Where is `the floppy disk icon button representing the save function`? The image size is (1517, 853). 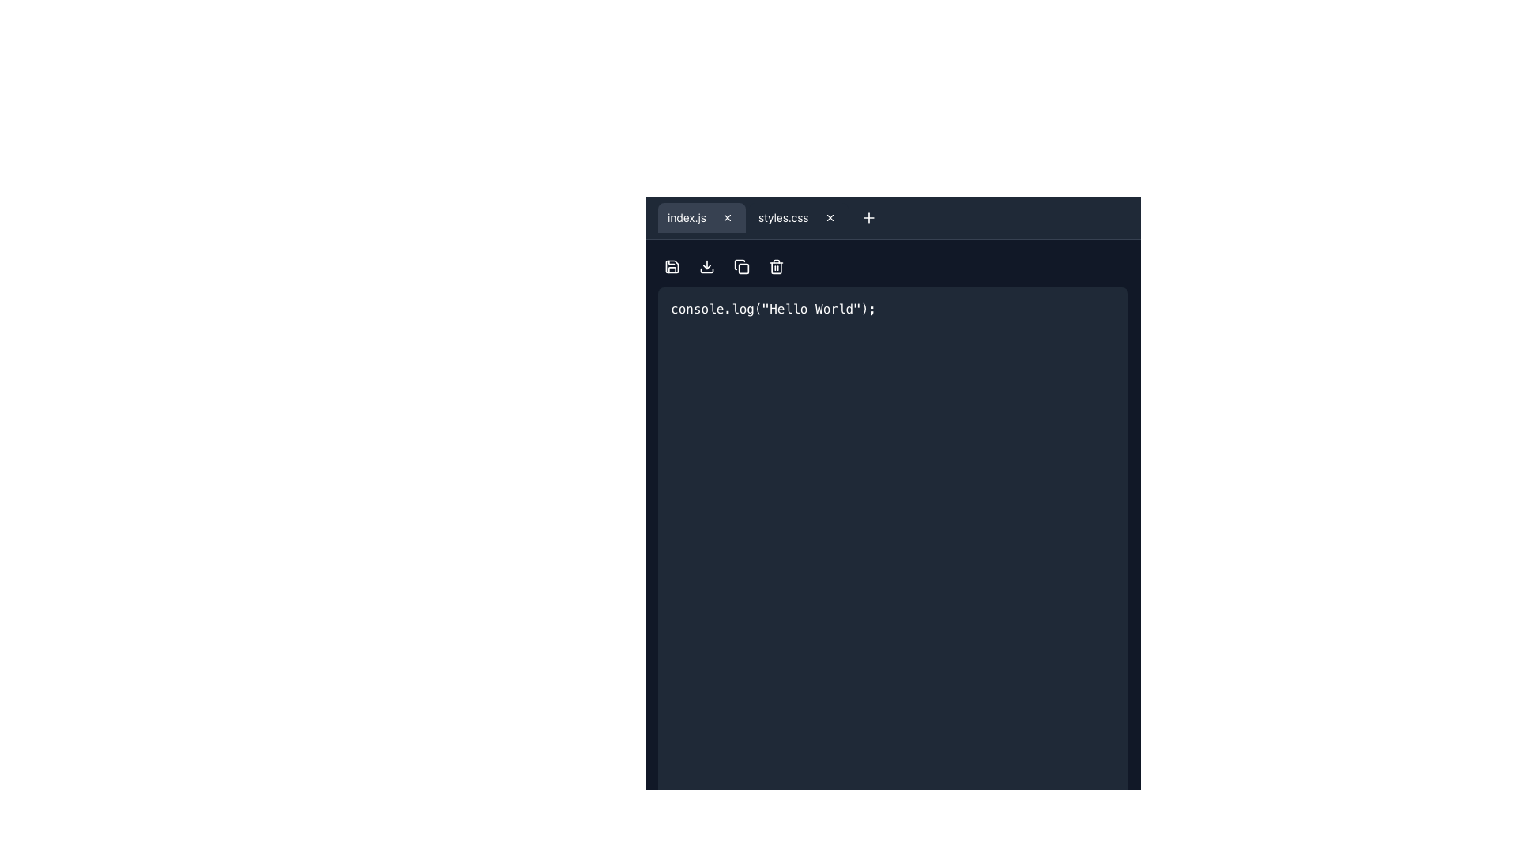 the floppy disk icon button representing the save function is located at coordinates (672, 266).